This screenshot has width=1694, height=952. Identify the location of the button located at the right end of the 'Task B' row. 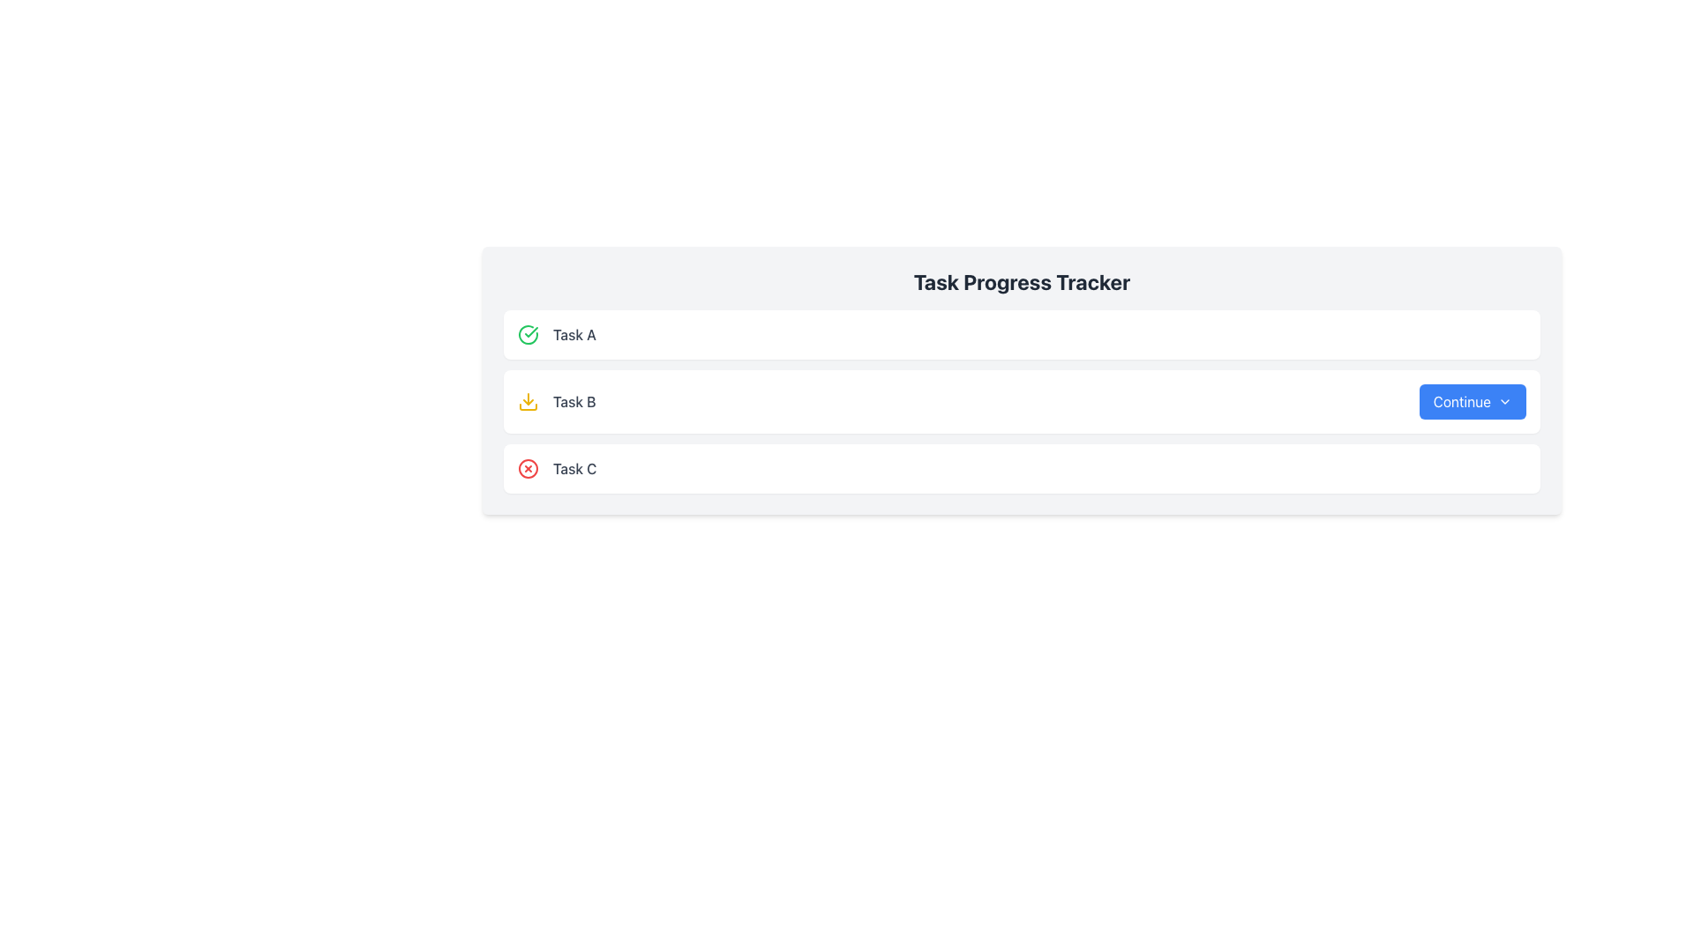
(1473, 401).